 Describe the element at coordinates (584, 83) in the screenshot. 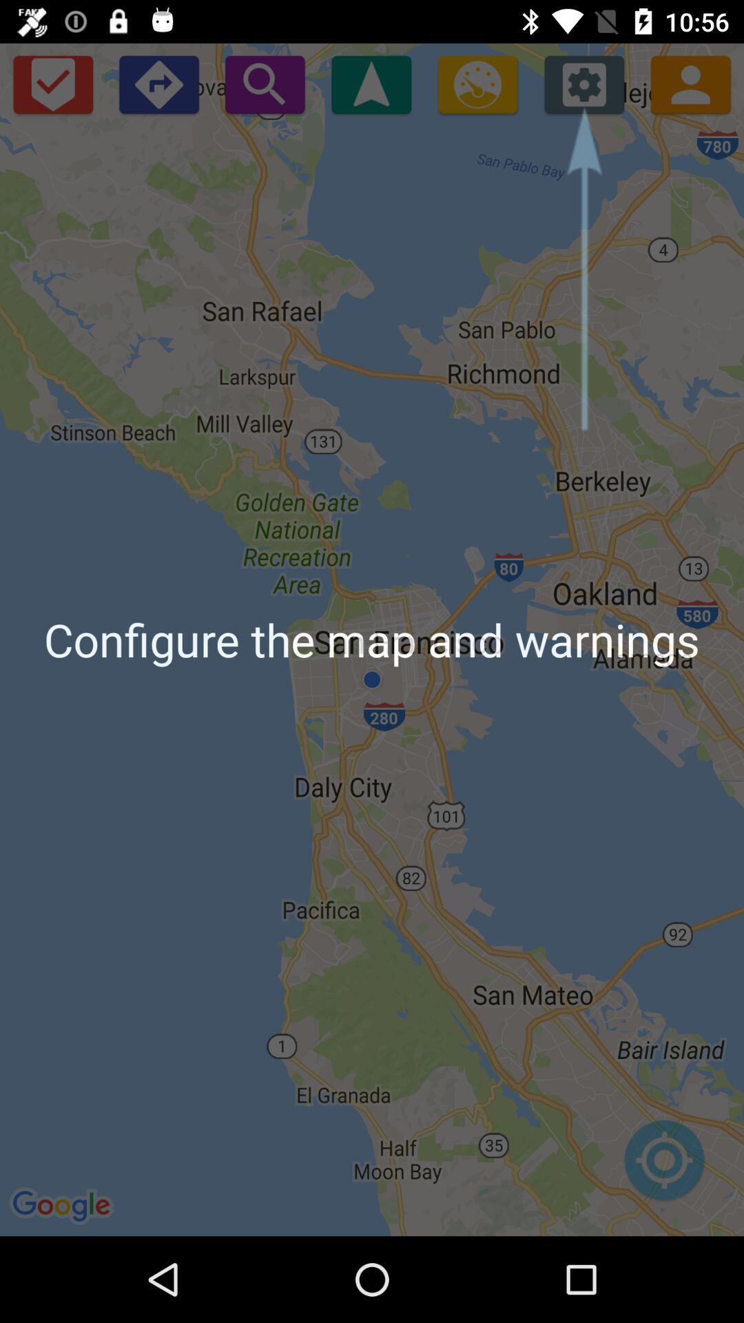

I see `the settings icon` at that location.